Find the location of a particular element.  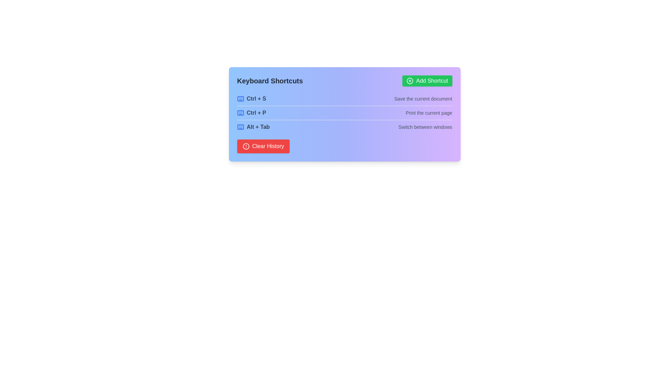

the 'Add Shortcut' button with a bright green background and a white plus icon is located at coordinates (427, 81).